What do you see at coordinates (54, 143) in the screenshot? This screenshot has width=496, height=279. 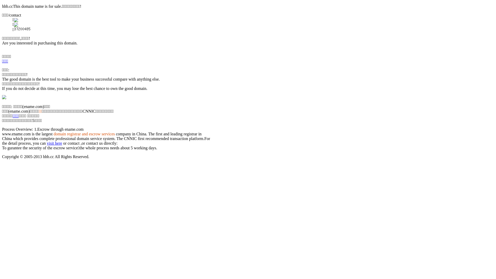 I see `'visit here'` at bounding box center [54, 143].